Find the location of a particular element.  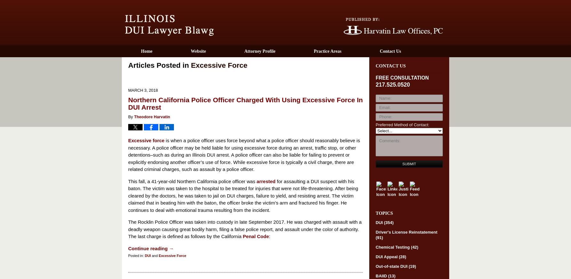

'Preferred Method of Contact:' is located at coordinates (402, 124).